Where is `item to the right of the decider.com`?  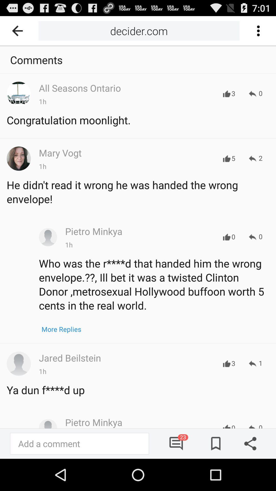 item to the right of the decider.com is located at coordinates (258, 30).